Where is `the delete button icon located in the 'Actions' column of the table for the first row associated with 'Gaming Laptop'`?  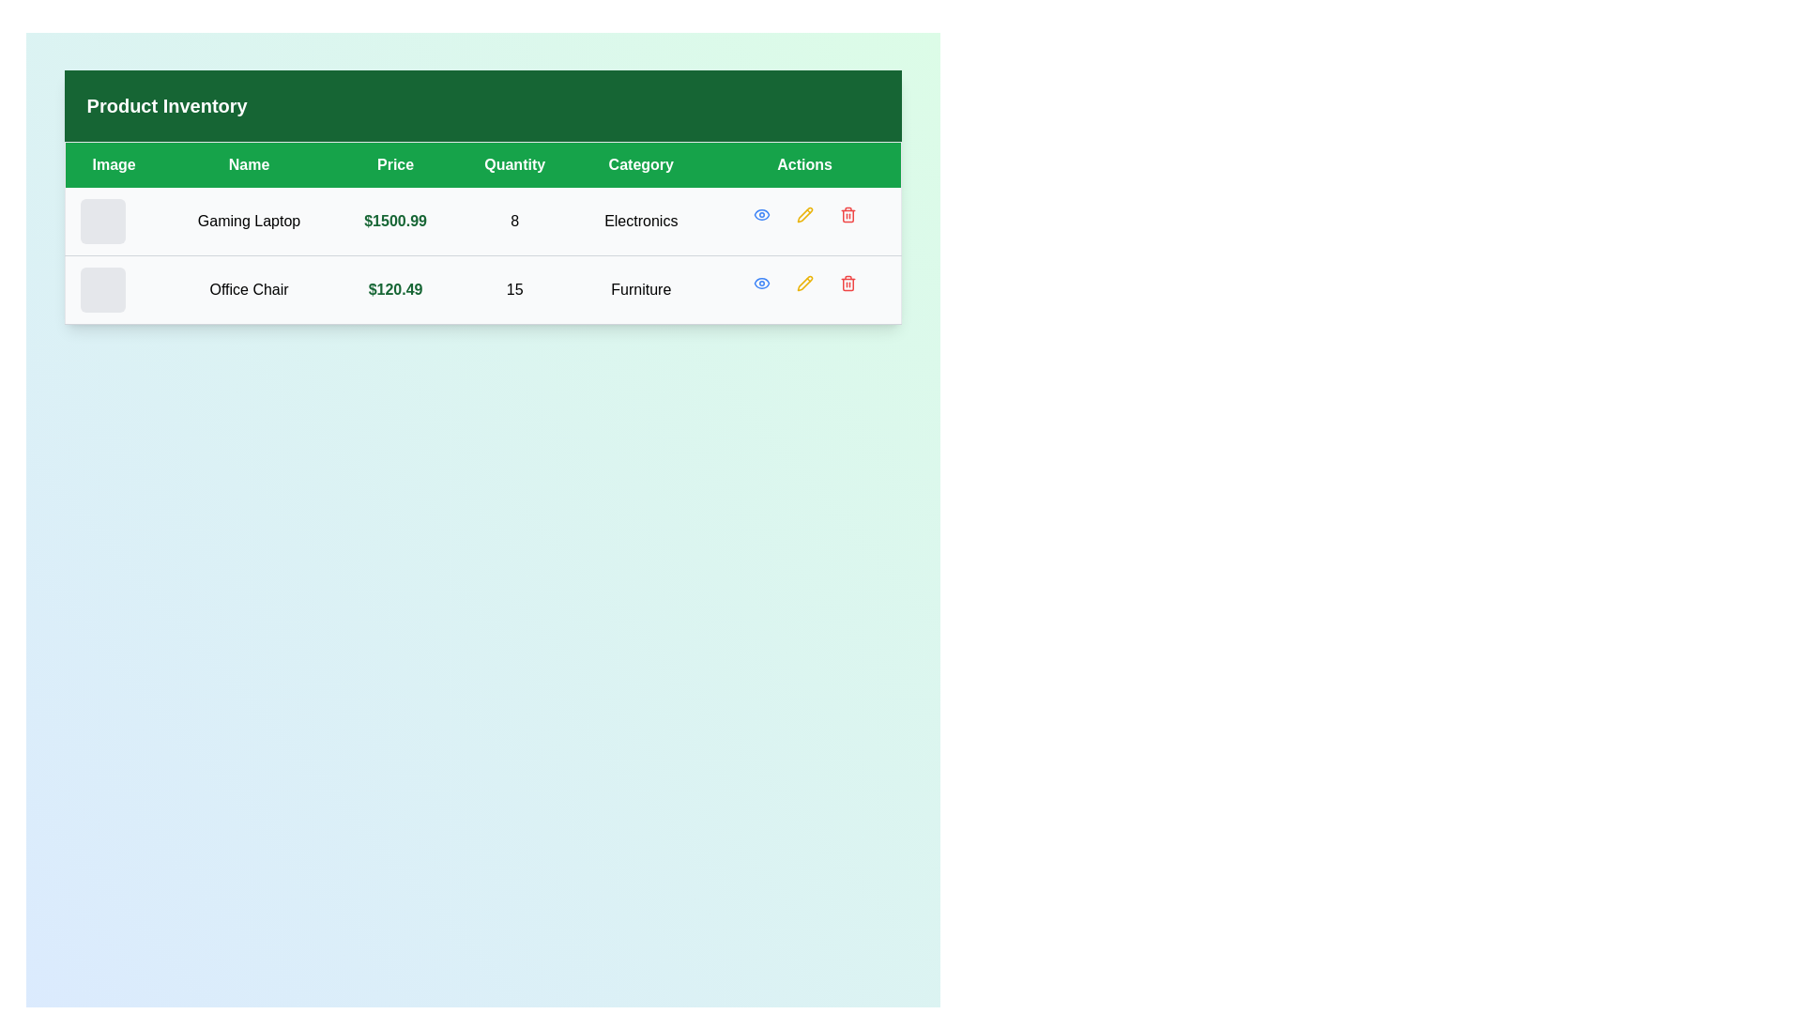
the delete button icon located in the 'Actions' column of the table for the first row associated with 'Gaming Laptop' is located at coordinates (847, 213).